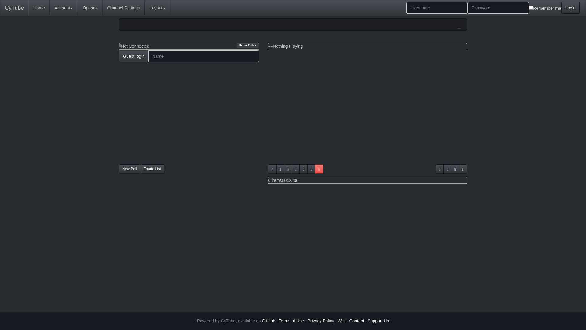 The image size is (586, 330). What do you see at coordinates (307, 169) in the screenshot?
I see `'Shuffle the playlist'` at bounding box center [307, 169].